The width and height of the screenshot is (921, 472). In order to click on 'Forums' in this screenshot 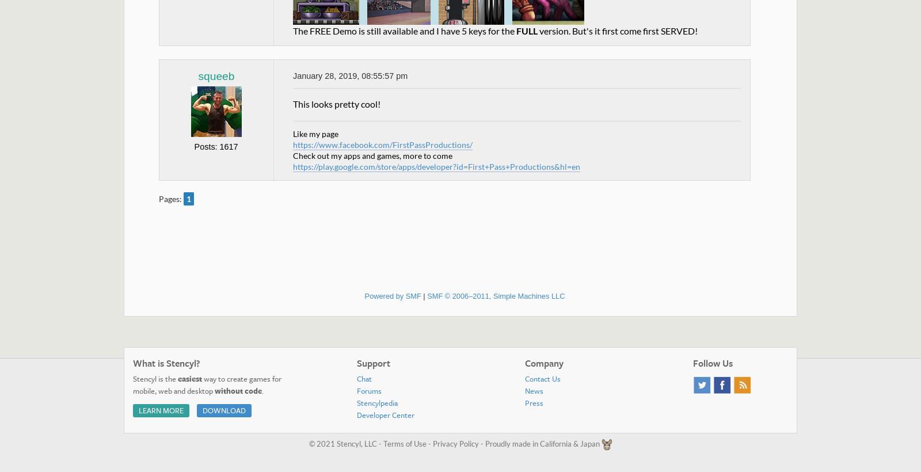, I will do `click(369, 390)`.